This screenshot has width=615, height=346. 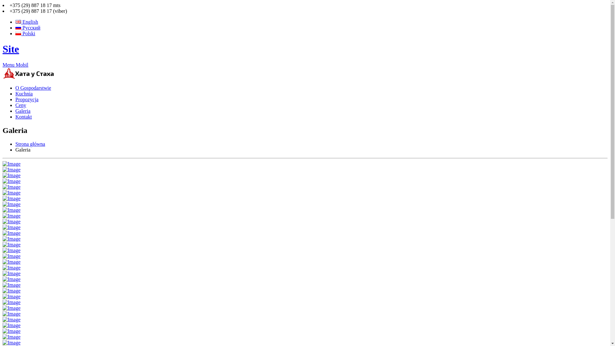 I want to click on 'Kontakt', so click(x=15, y=117).